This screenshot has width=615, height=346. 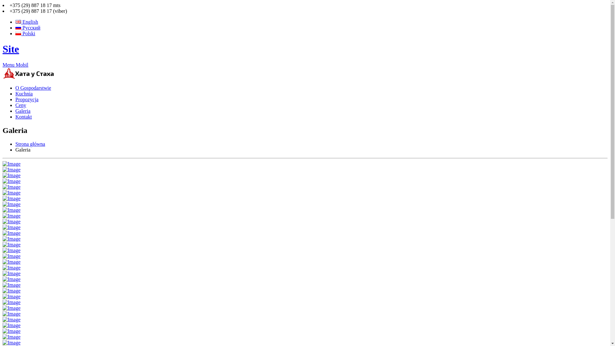 I want to click on 'Kontakt', so click(x=15, y=117).